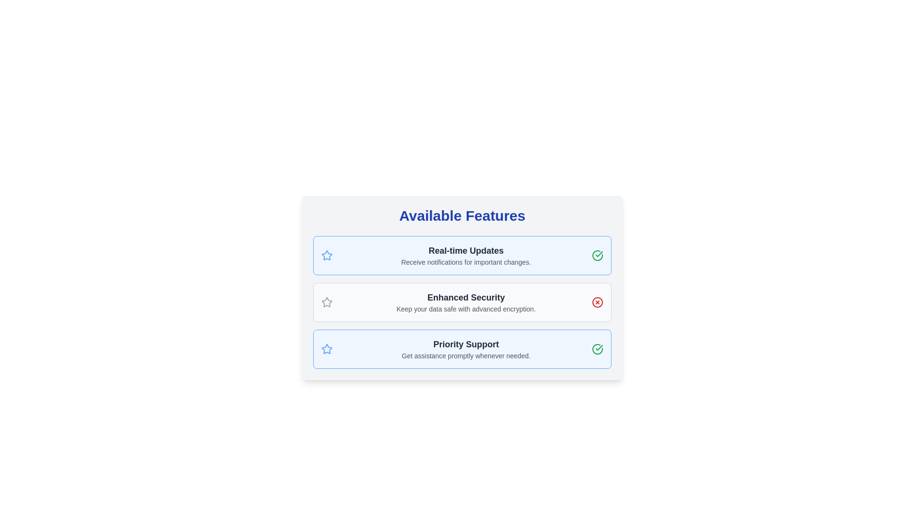 The height and width of the screenshot is (516, 918). I want to click on text 'Available Features' from the header element styled in bold and blue at the top of the card-like section, so click(462, 215).